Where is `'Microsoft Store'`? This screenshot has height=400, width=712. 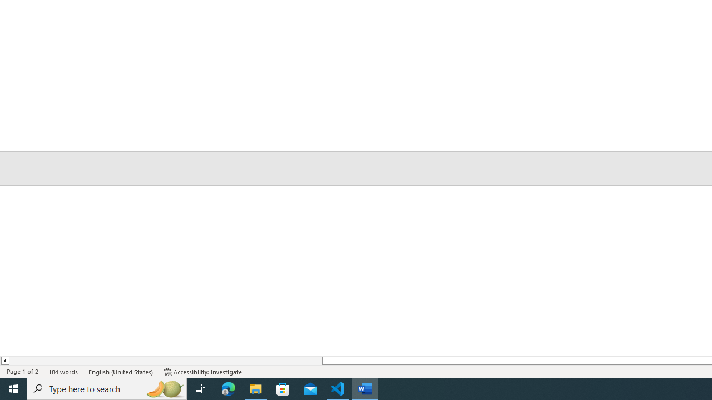
'Microsoft Store' is located at coordinates (283, 388).